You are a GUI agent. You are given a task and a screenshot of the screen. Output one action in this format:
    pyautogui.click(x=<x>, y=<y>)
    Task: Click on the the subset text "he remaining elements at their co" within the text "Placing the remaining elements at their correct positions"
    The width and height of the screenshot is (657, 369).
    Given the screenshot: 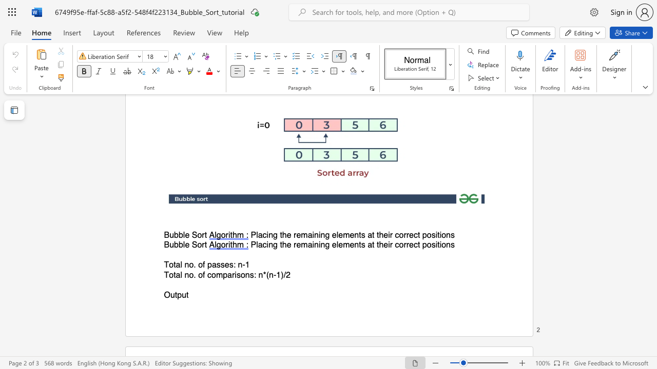 What is the action you would take?
    pyautogui.click(x=282, y=245)
    